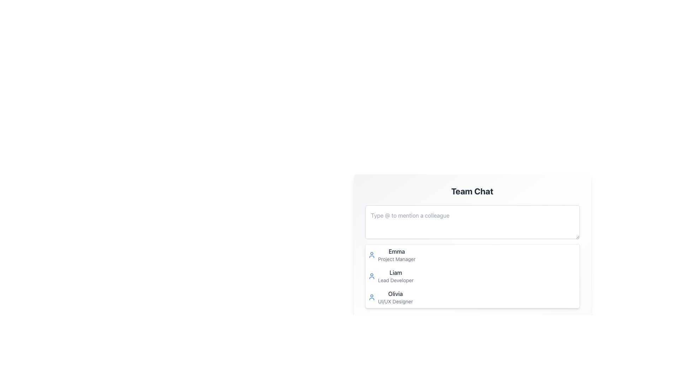  Describe the element at coordinates (395, 272) in the screenshot. I see `the static text element displaying the name of a team member, located between 'Emma' and 'Olivia'` at that location.